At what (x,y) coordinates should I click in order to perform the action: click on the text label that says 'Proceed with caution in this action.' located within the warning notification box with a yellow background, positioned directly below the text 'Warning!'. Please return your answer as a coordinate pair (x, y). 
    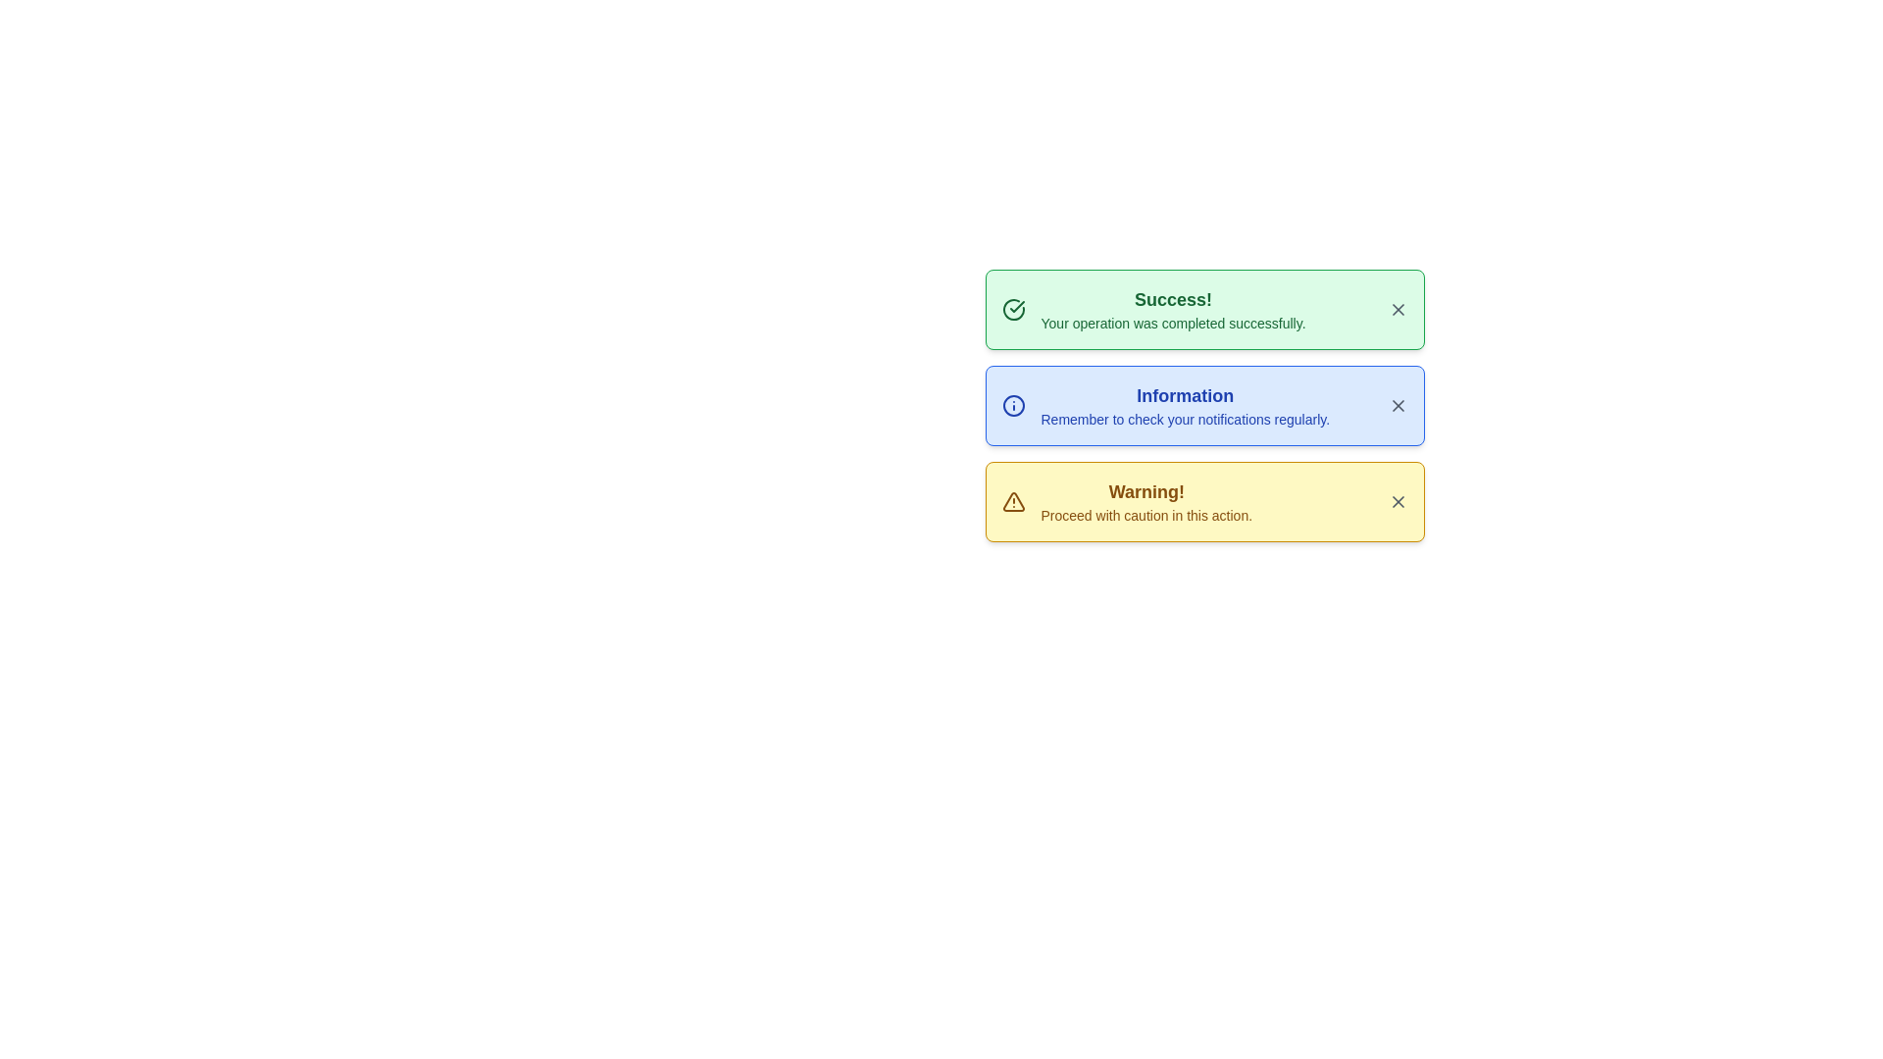
    Looking at the image, I should click on (1146, 514).